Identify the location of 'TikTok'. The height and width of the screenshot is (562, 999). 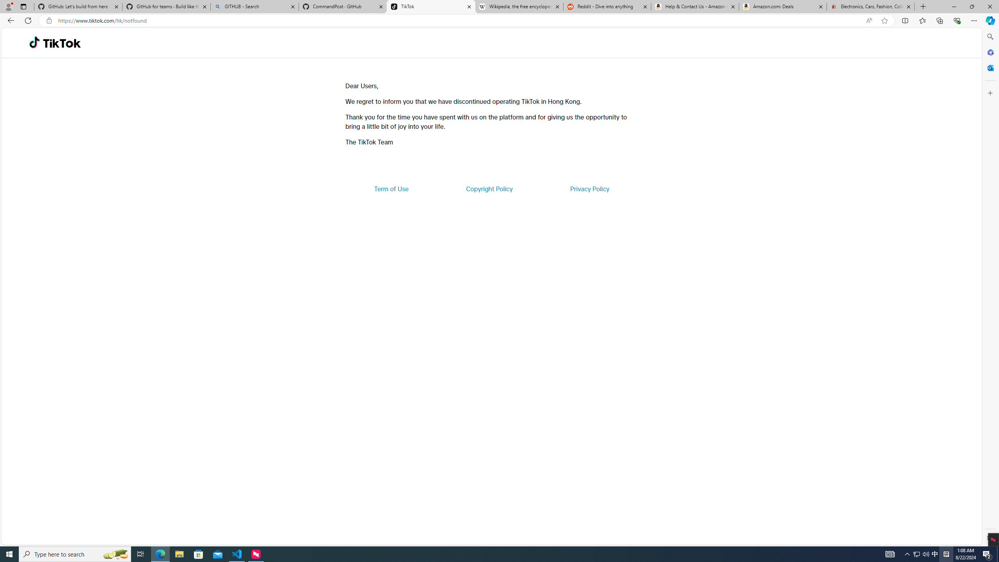
(62, 43).